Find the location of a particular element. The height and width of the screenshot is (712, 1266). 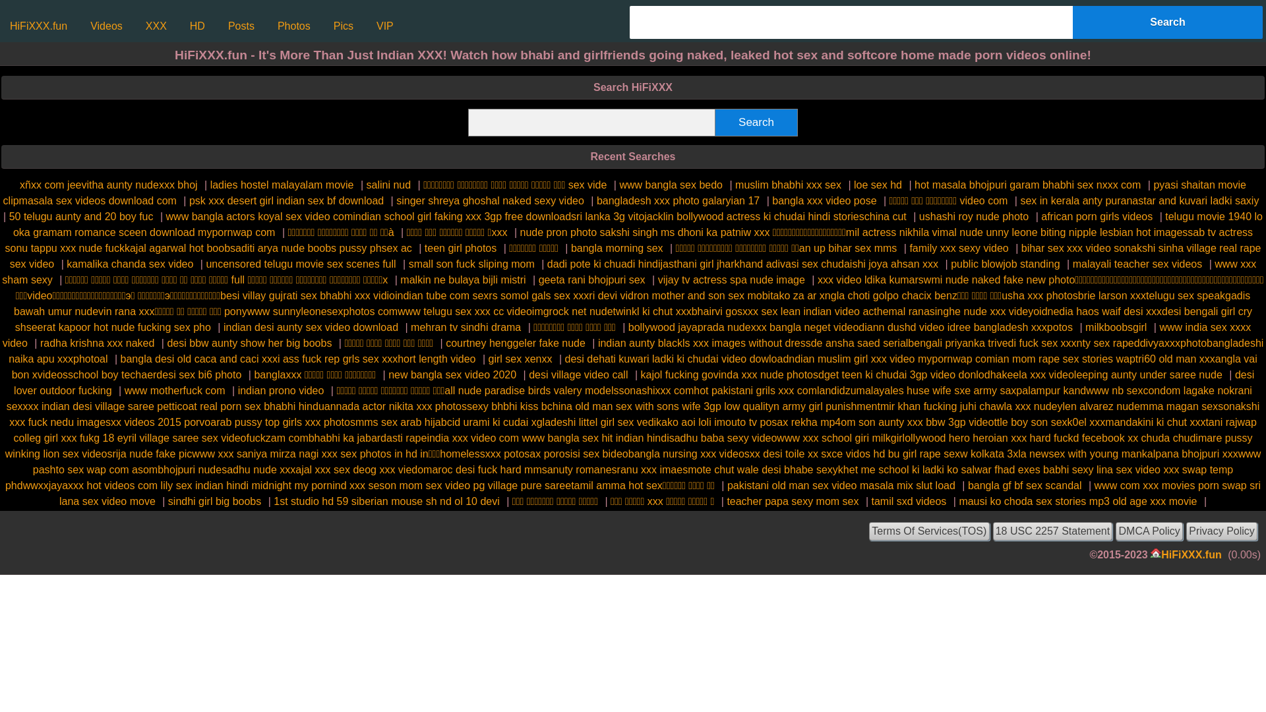

'Posts' is located at coordinates (241, 26).